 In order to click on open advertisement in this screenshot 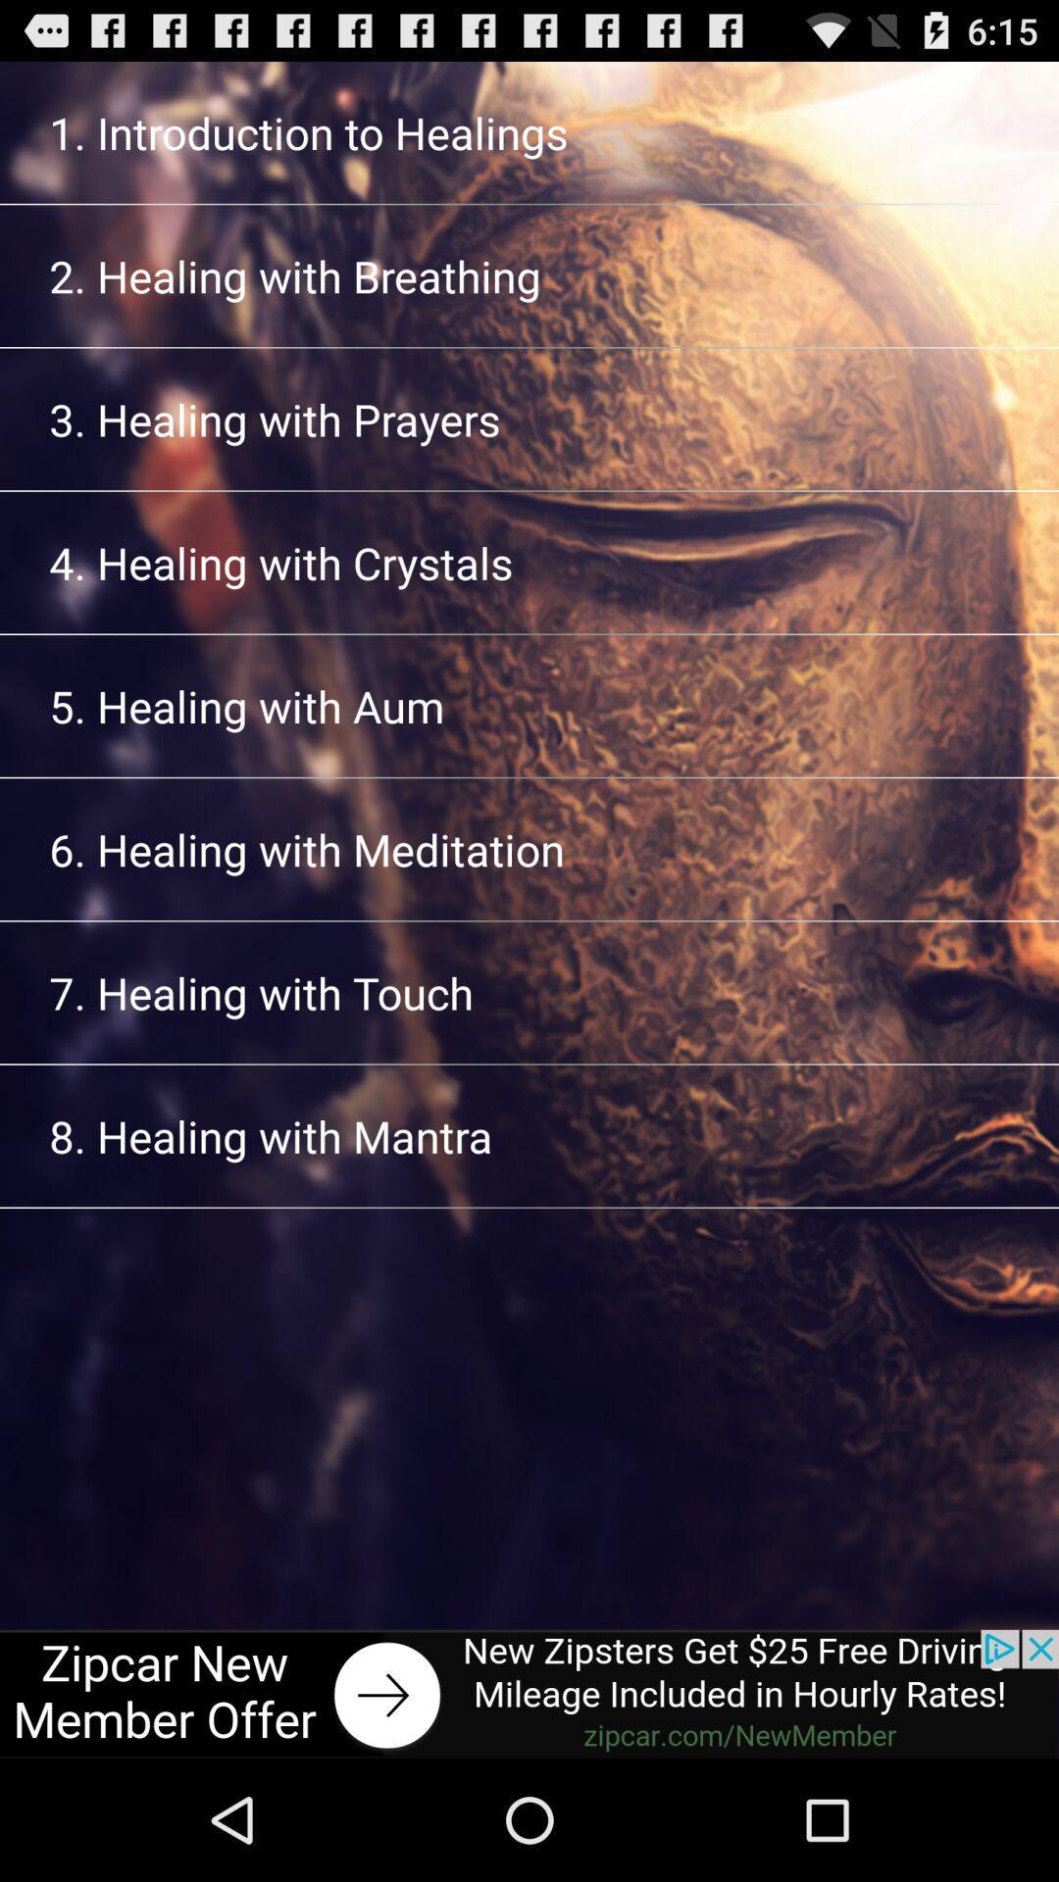, I will do `click(529, 1693)`.